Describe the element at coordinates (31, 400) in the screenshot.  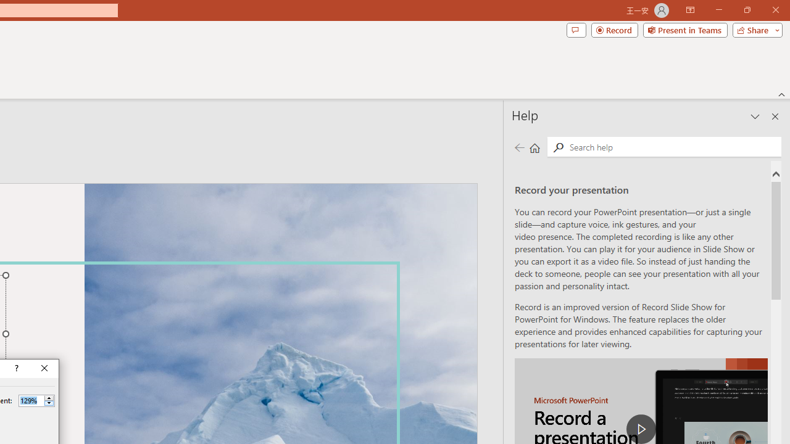
I see `'Percent'` at that location.